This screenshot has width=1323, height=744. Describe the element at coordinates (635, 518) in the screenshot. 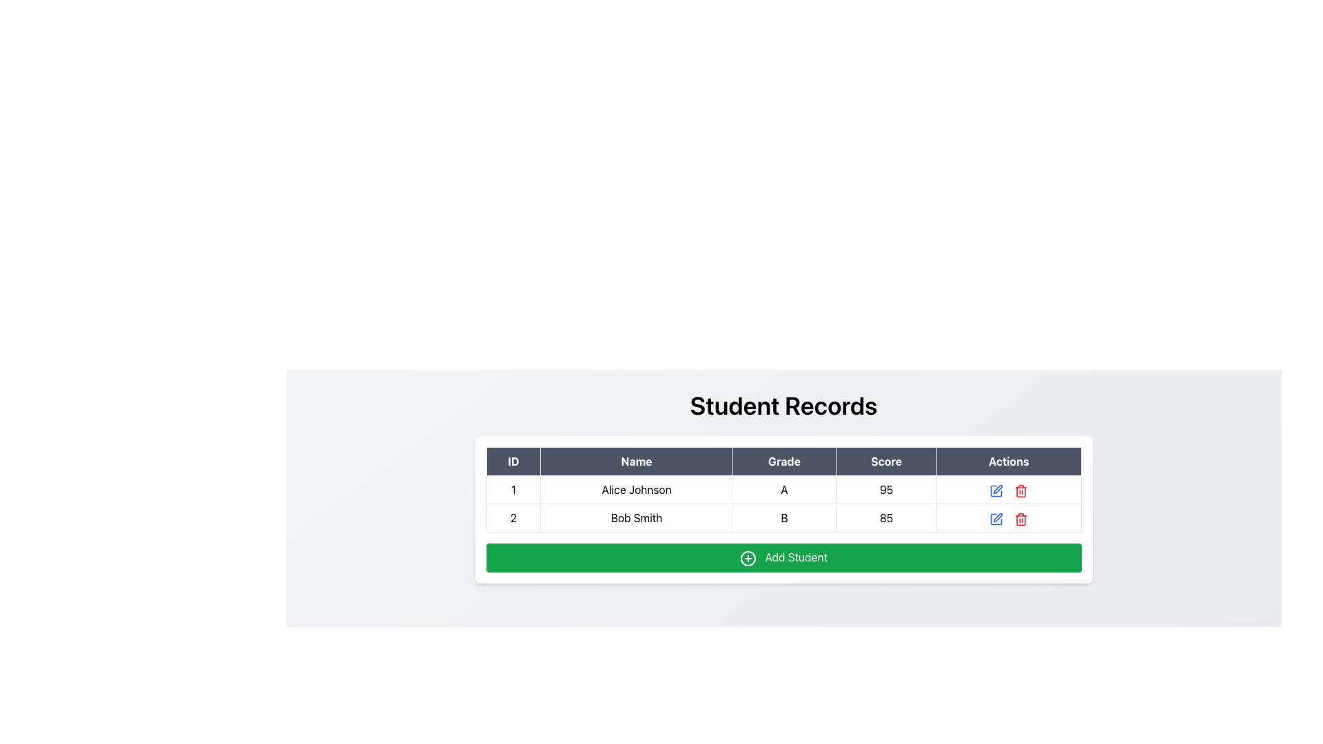

I see `the text label displaying the name of the student 'Bob Smith', which is located in the second row under the 'Name' column of the student records table` at that location.